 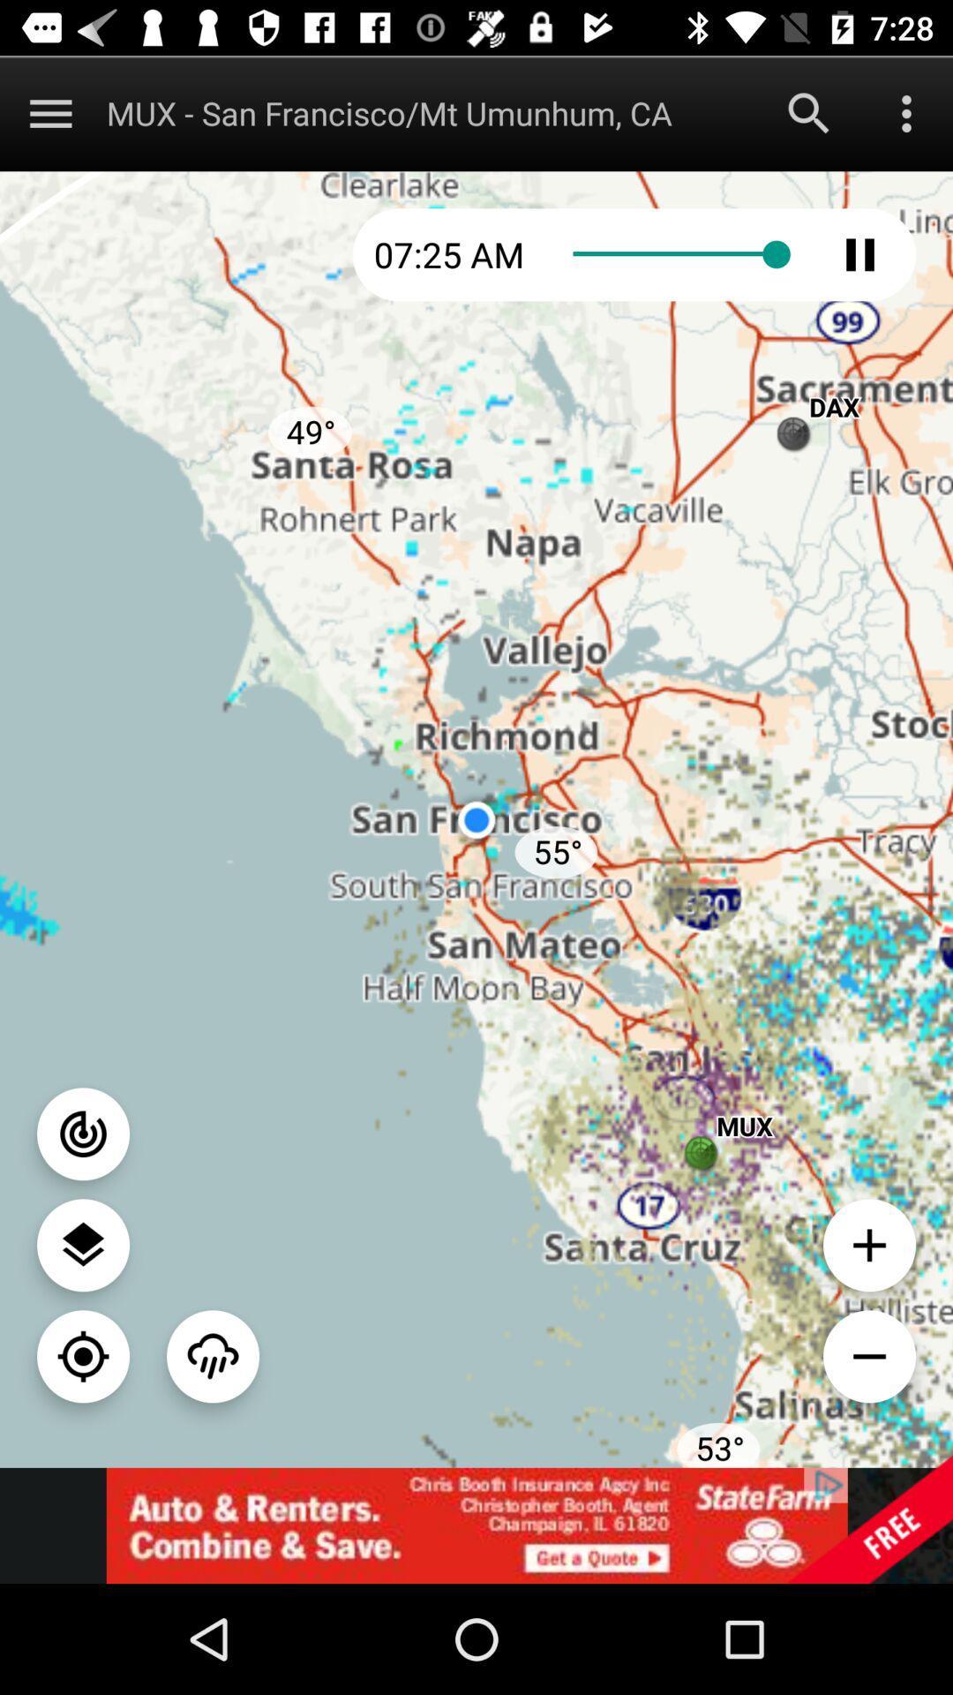 I want to click on the weather icon, so click(x=212, y=1355).